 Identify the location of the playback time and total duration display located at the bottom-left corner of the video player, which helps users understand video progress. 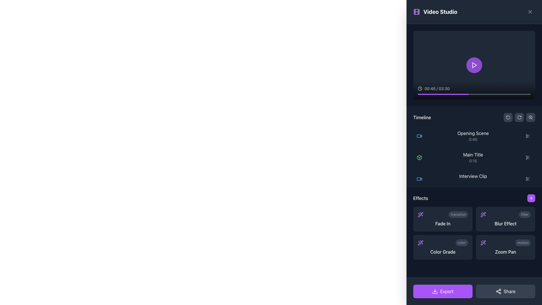
(474, 88).